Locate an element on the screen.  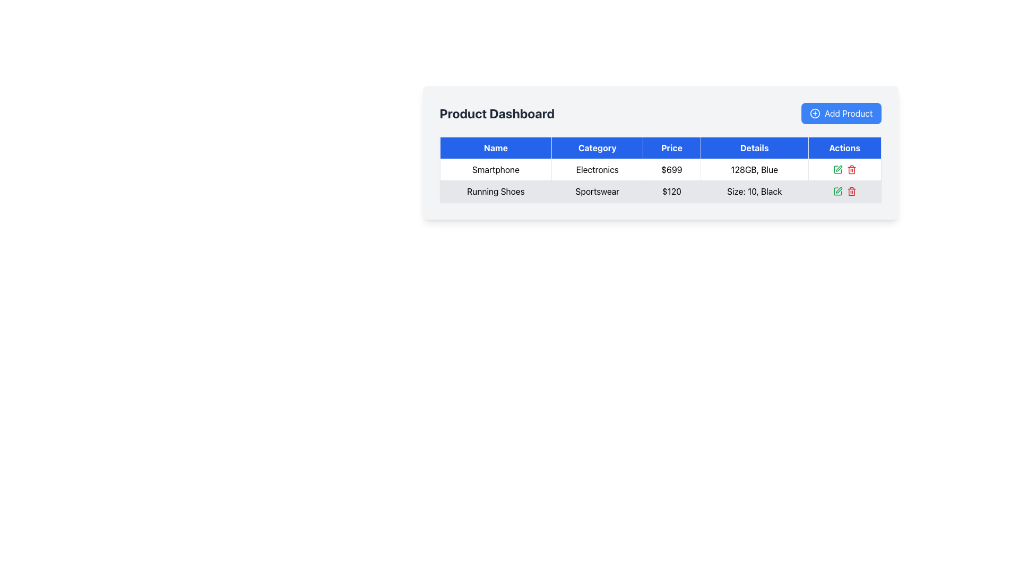
text displayed in the table cell that shows the category of the product, which is 'Electronics', located in the second column of the first row under the 'Category' header is located at coordinates (597, 169).